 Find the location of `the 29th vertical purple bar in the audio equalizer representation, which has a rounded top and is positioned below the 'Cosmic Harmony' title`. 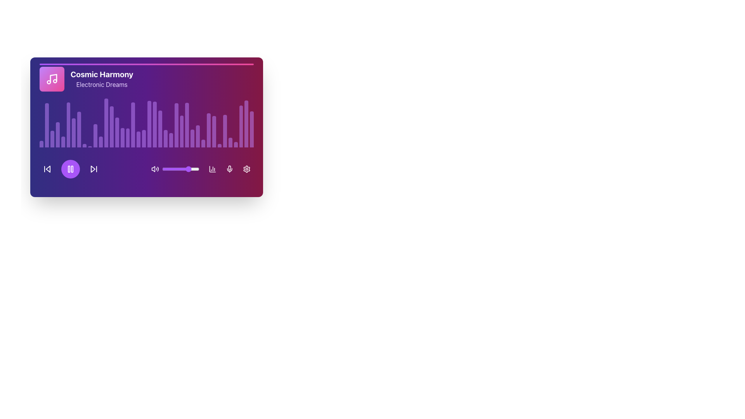

the 29th vertical purple bar in the audio equalizer representation, which has a rounded top and is positioned below the 'Cosmic Harmony' title is located at coordinates (198, 136).